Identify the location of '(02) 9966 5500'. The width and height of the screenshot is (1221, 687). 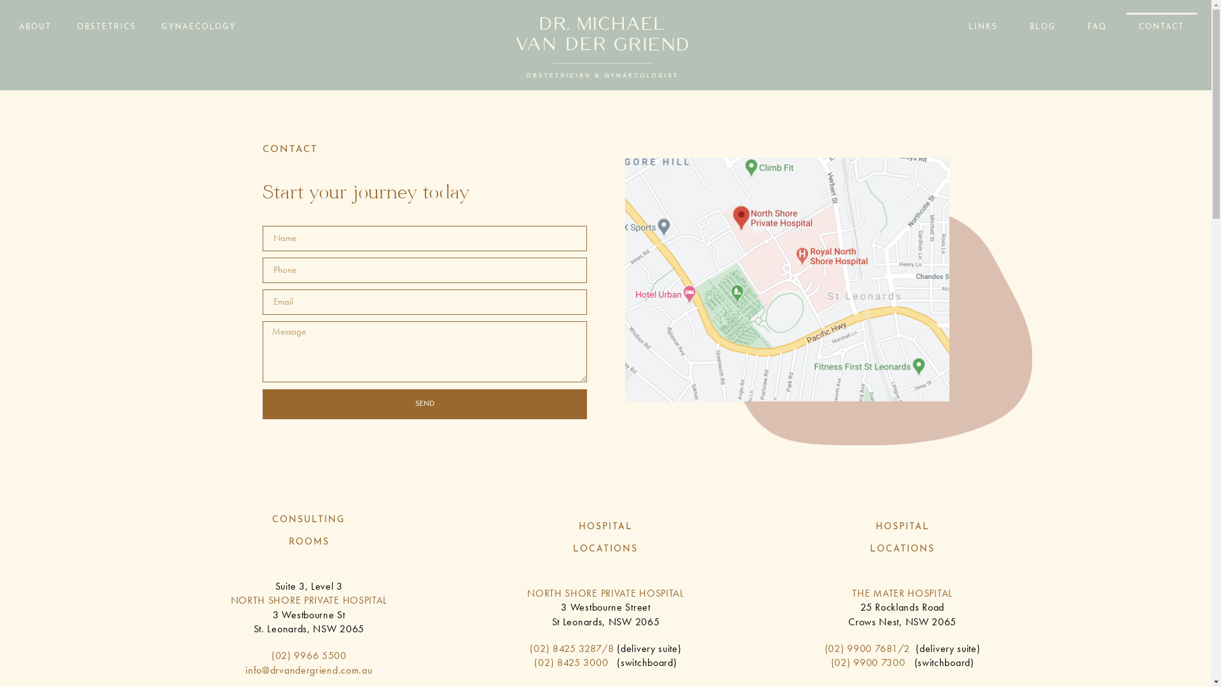
(308, 655).